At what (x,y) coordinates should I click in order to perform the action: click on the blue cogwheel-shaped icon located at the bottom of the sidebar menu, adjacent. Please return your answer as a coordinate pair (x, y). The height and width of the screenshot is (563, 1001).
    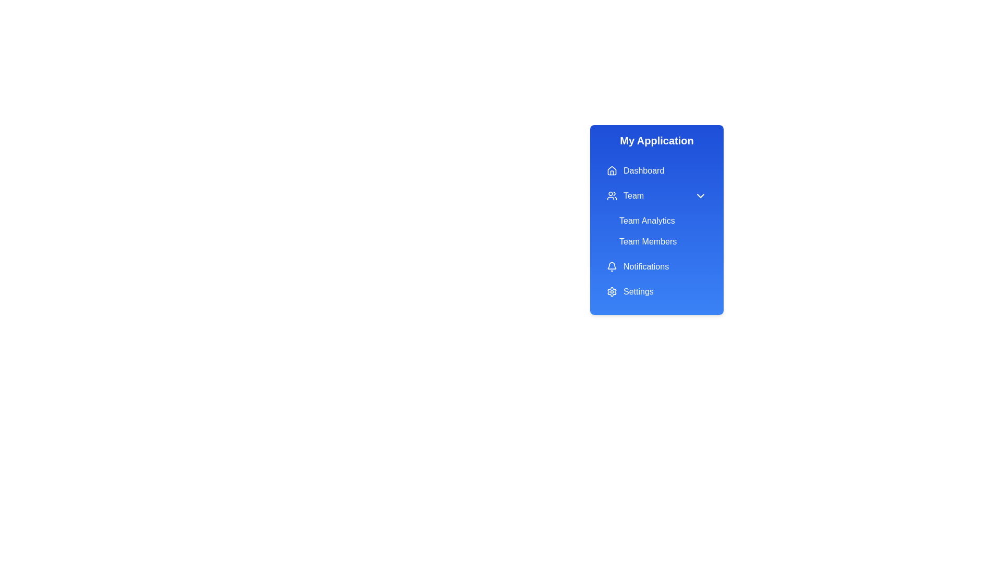
    Looking at the image, I should click on (612, 291).